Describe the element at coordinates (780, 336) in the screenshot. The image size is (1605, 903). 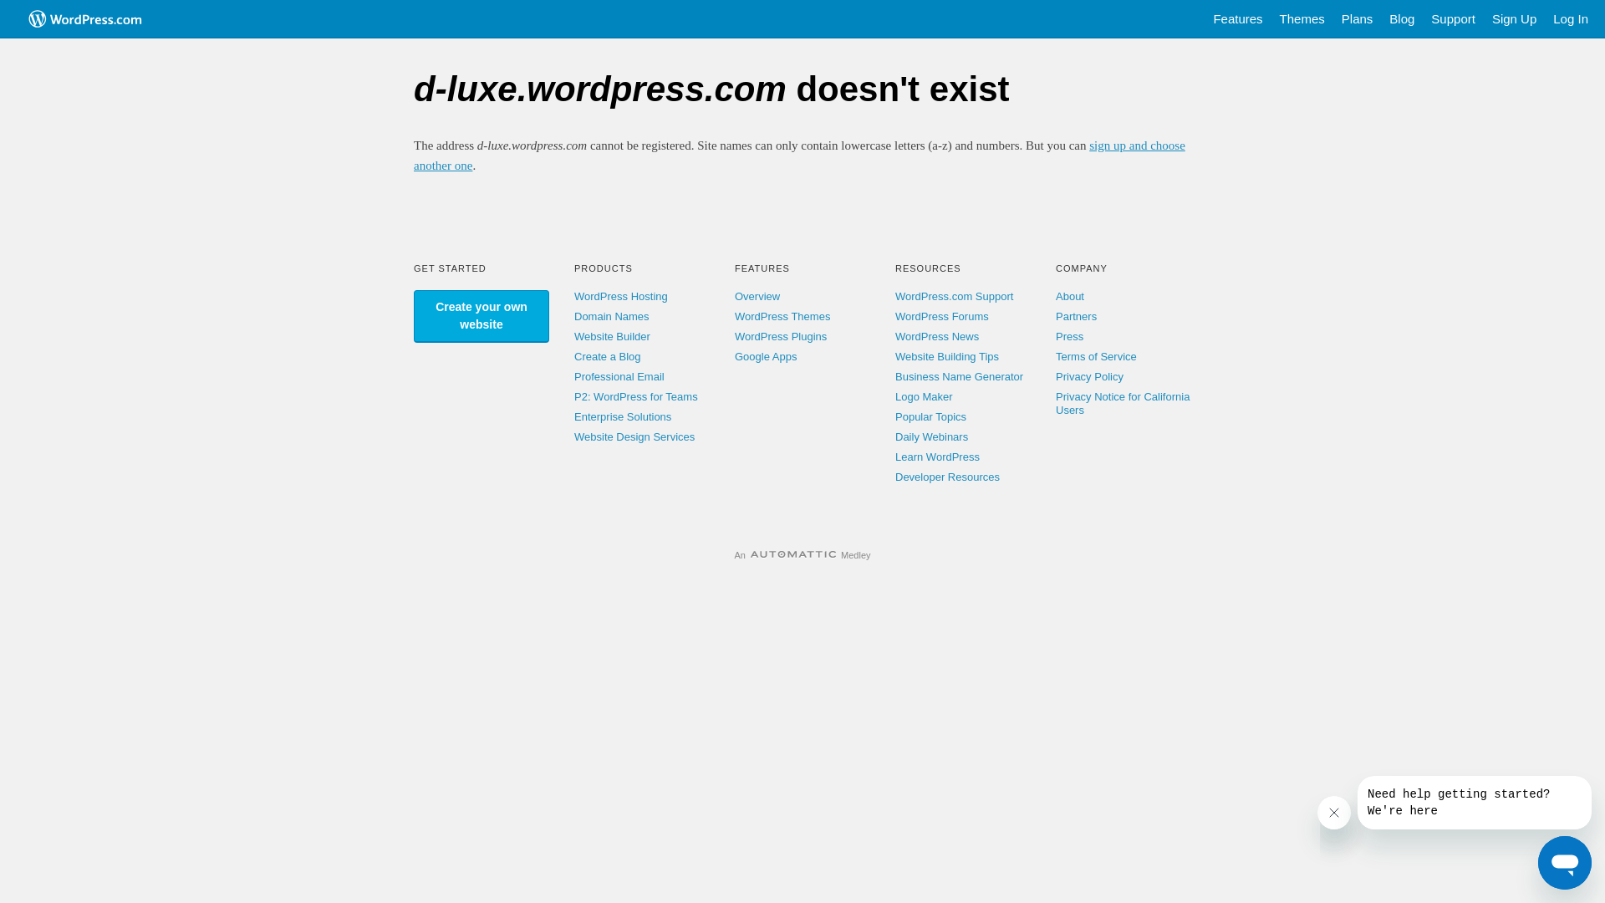
I see `'WordPress Plugins'` at that location.